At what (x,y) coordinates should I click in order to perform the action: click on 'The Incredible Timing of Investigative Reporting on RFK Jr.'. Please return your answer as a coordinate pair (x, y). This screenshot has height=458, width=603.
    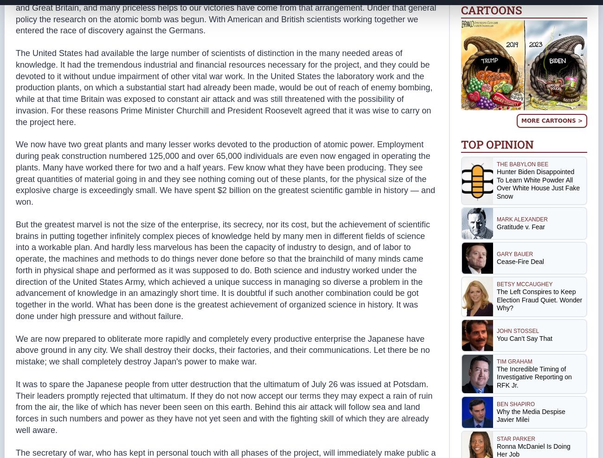
    Looking at the image, I should click on (534, 376).